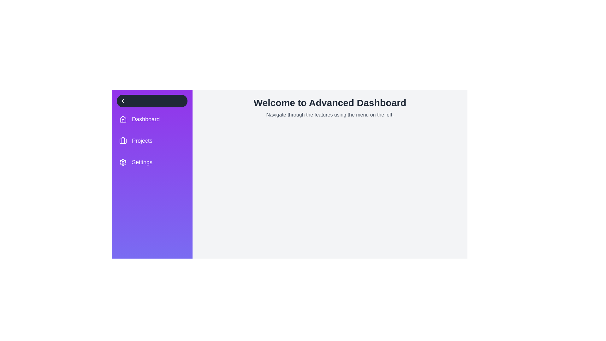 The width and height of the screenshot is (606, 341). What do you see at coordinates (152, 162) in the screenshot?
I see `the menu item Settings from the list` at bounding box center [152, 162].